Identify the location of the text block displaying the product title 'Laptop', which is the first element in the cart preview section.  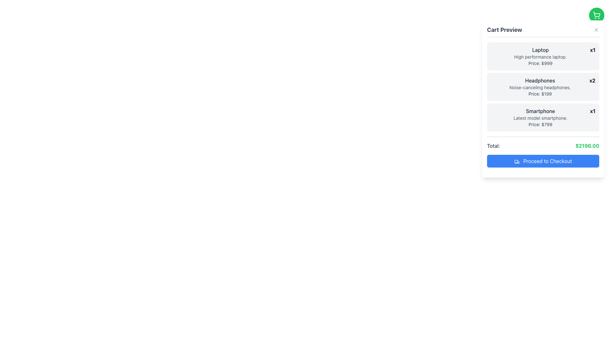
(540, 56).